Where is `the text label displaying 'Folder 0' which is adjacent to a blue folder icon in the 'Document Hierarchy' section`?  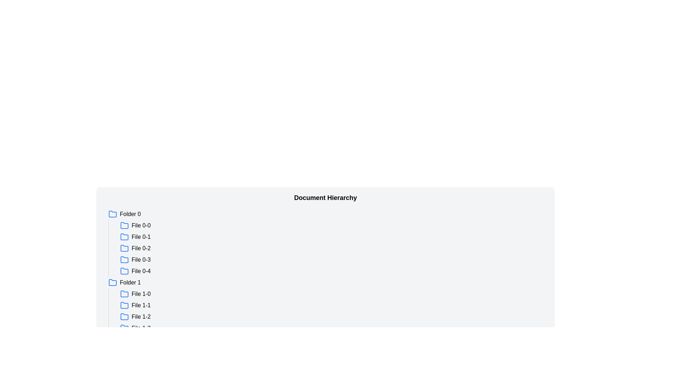
the text label displaying 'Folder 0' which is adjacent to a blue folder icon in the 'Document Hierarchy' section is located at coordinates (130, 214).